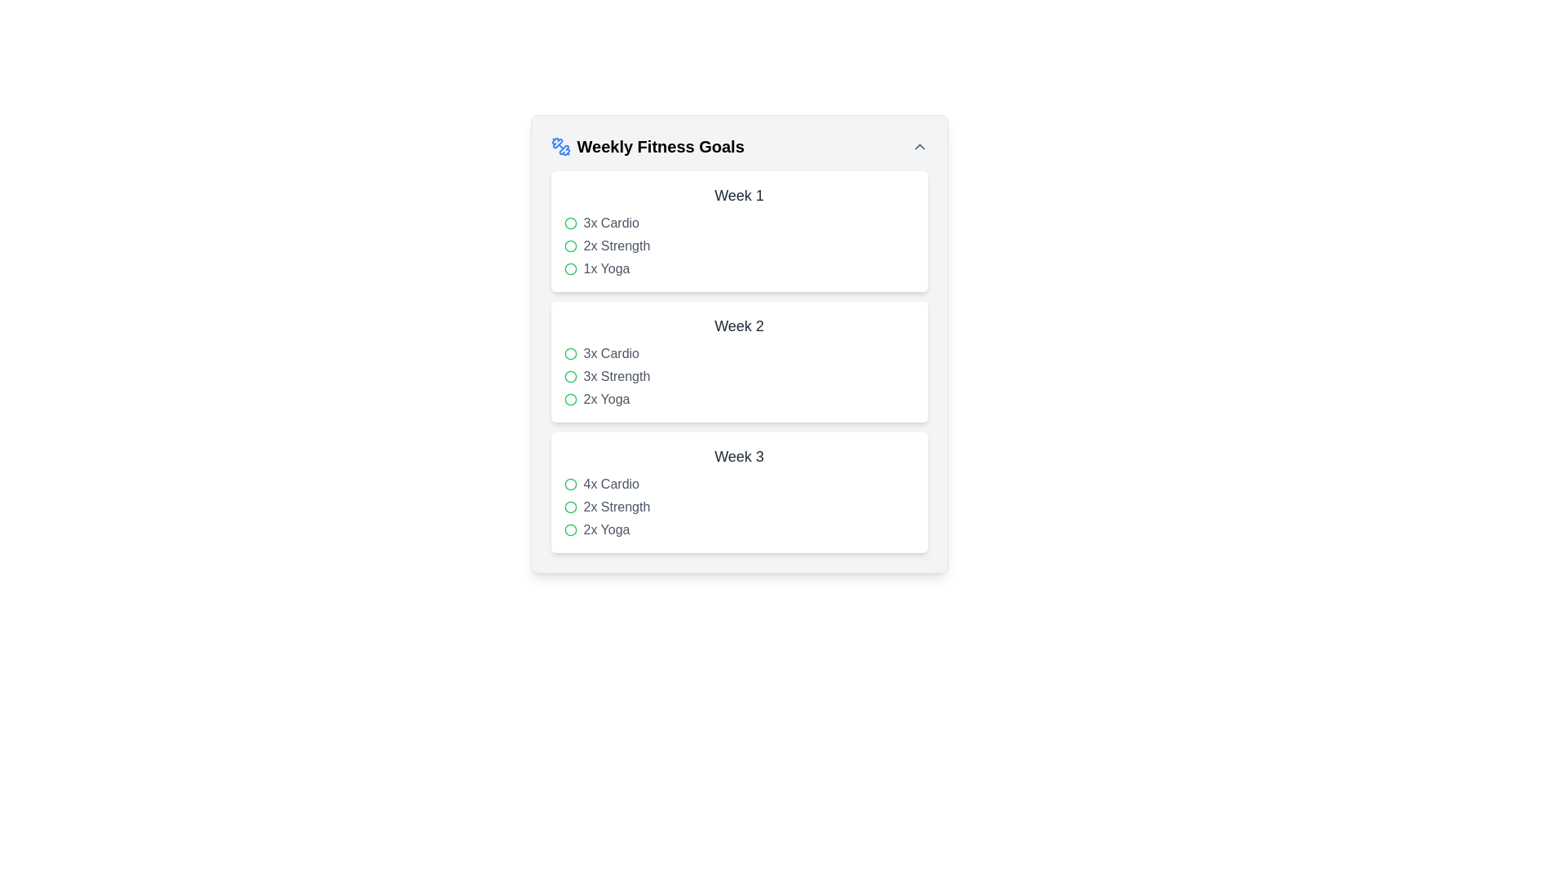  Describe the element at coordinates (570, 223) in the screenshot. I see `the completion icon for the '3x Cardio' activity located in the top-left corner of the 'Week 1' section` at that location.